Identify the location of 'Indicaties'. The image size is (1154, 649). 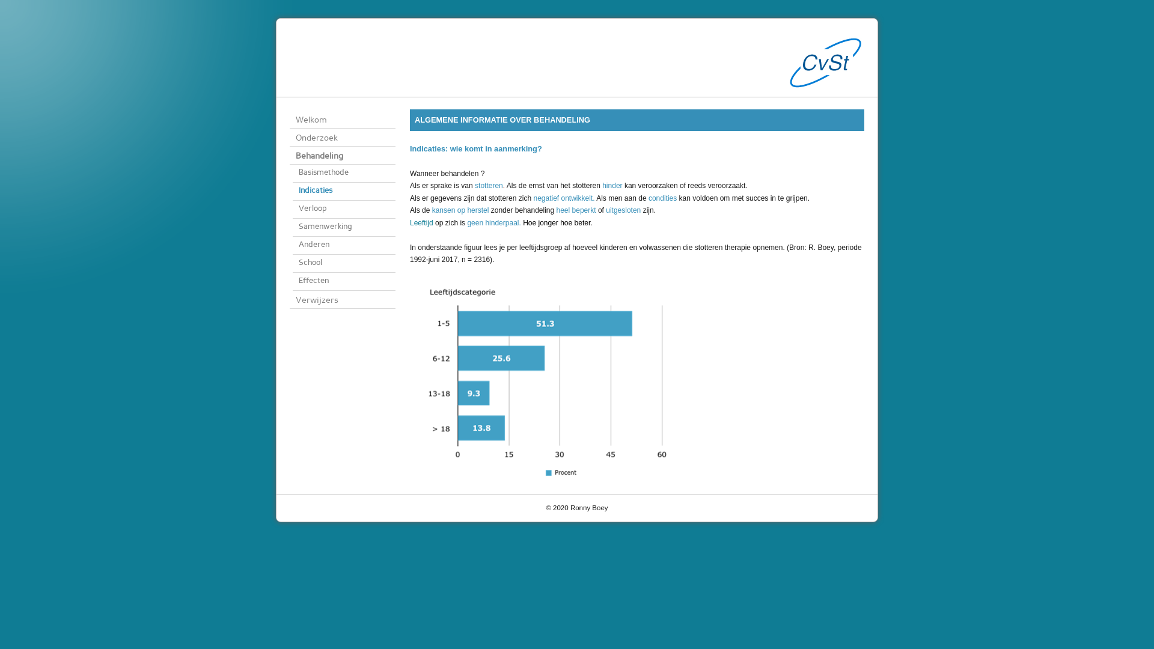
(292, 191).